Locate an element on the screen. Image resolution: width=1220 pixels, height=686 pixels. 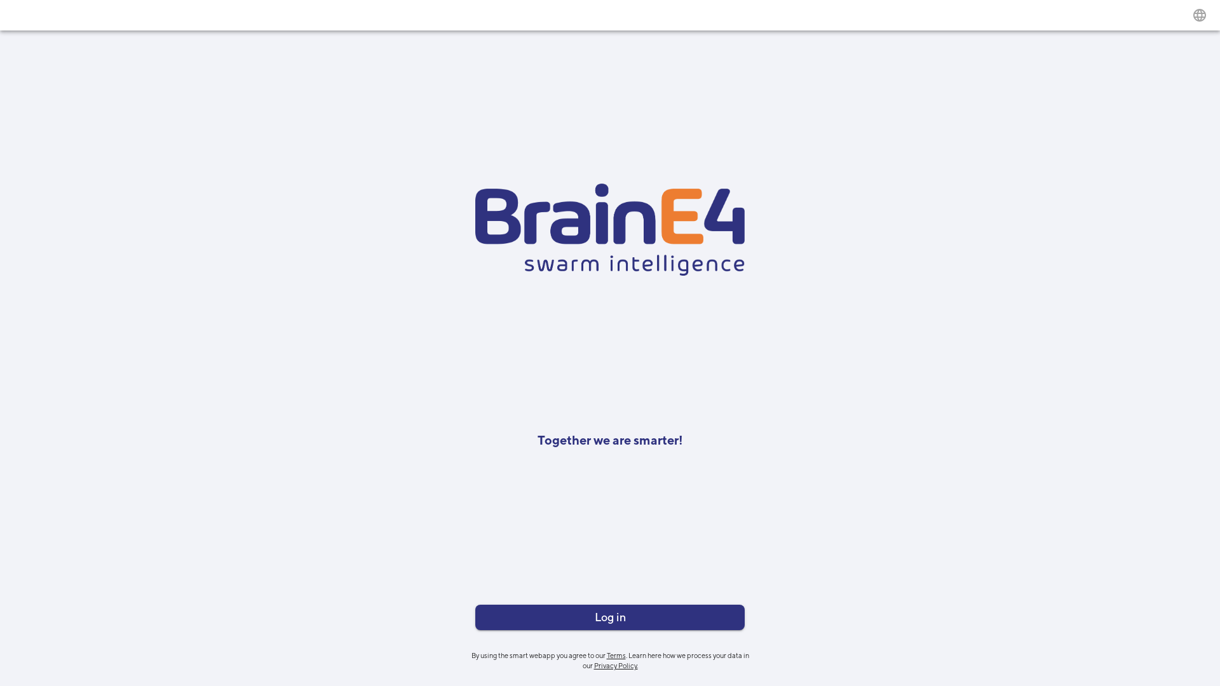
'Terms' is located at coordinates (616, 654).